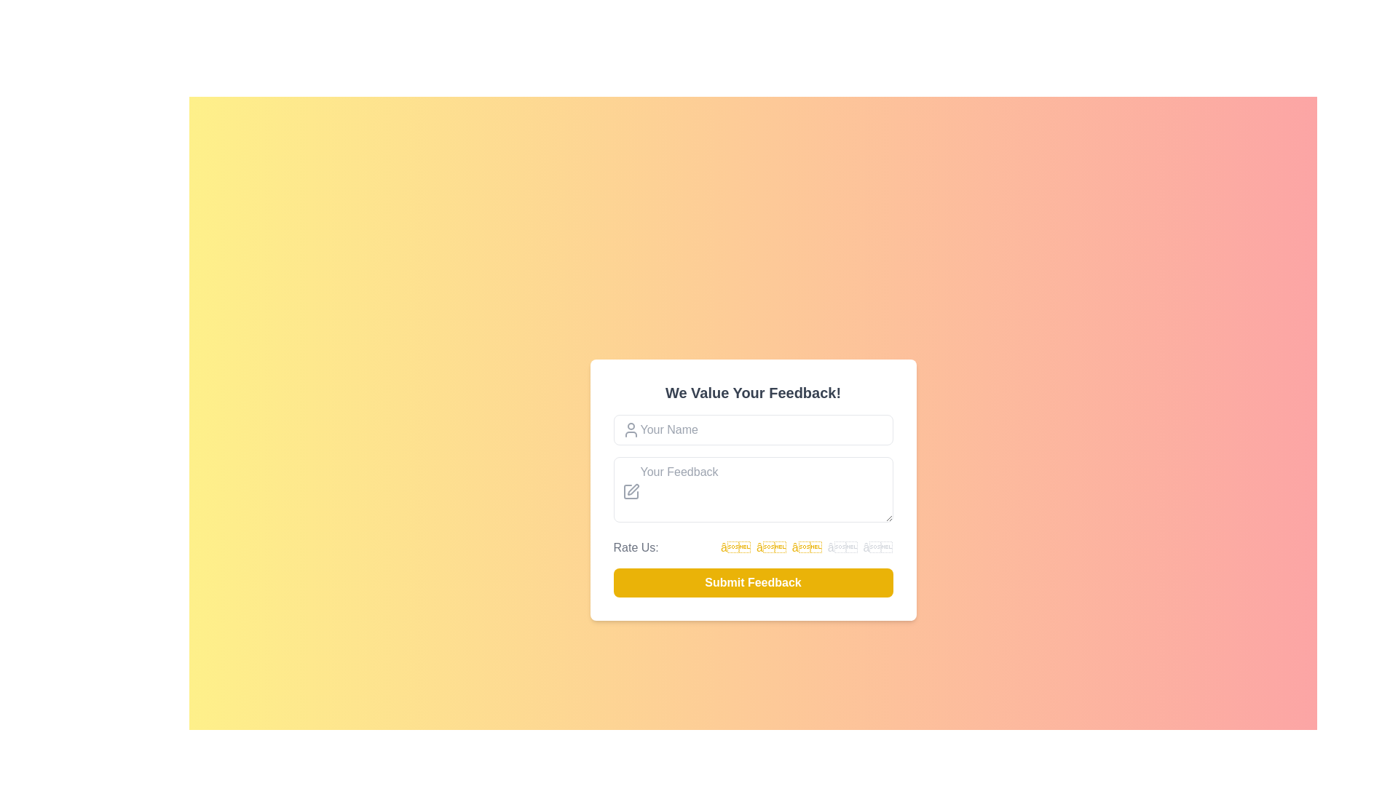 This screenshot has height=786, width=1398. Describe the element at coordinates (631, 429) in the screenshot. I see `the icon indicating the purpose of the adjacent input field for entering a user's name, which is located to the left of the 'Your Name' text input field` at that location.